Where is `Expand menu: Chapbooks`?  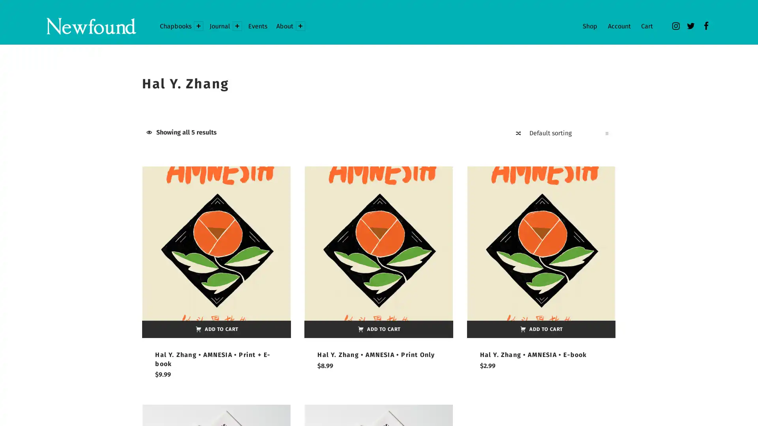
Expand menu: Chapbooks is located at coordinates (199, 25).